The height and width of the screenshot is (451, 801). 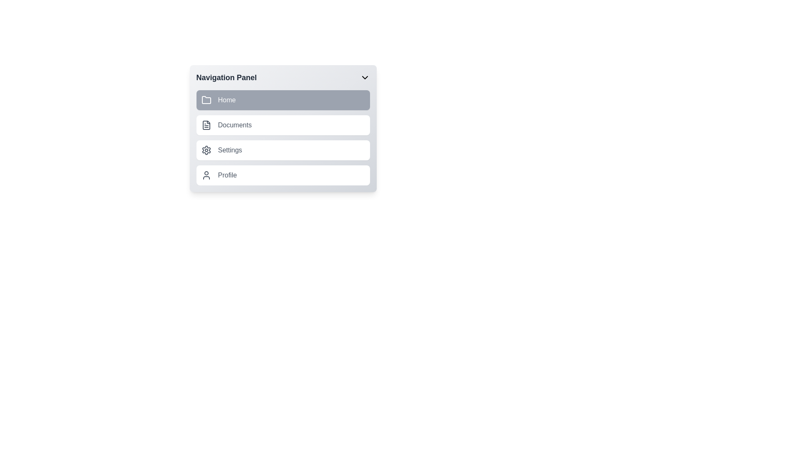 What do you see at coordinates (206, 99) in the screenshot?
I see `the folder icon in the navigation menu labeled 'Home'` at bounding box center [206, 99].